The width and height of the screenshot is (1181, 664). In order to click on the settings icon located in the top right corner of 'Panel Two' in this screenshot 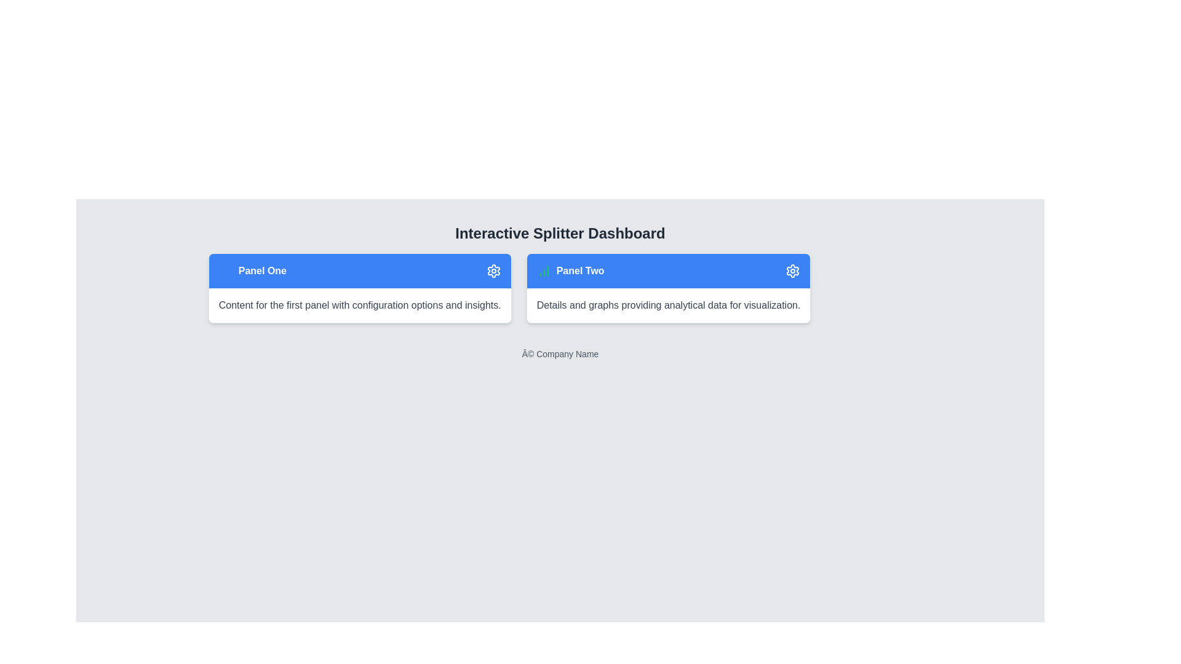, I will do `click(493, 270)`.